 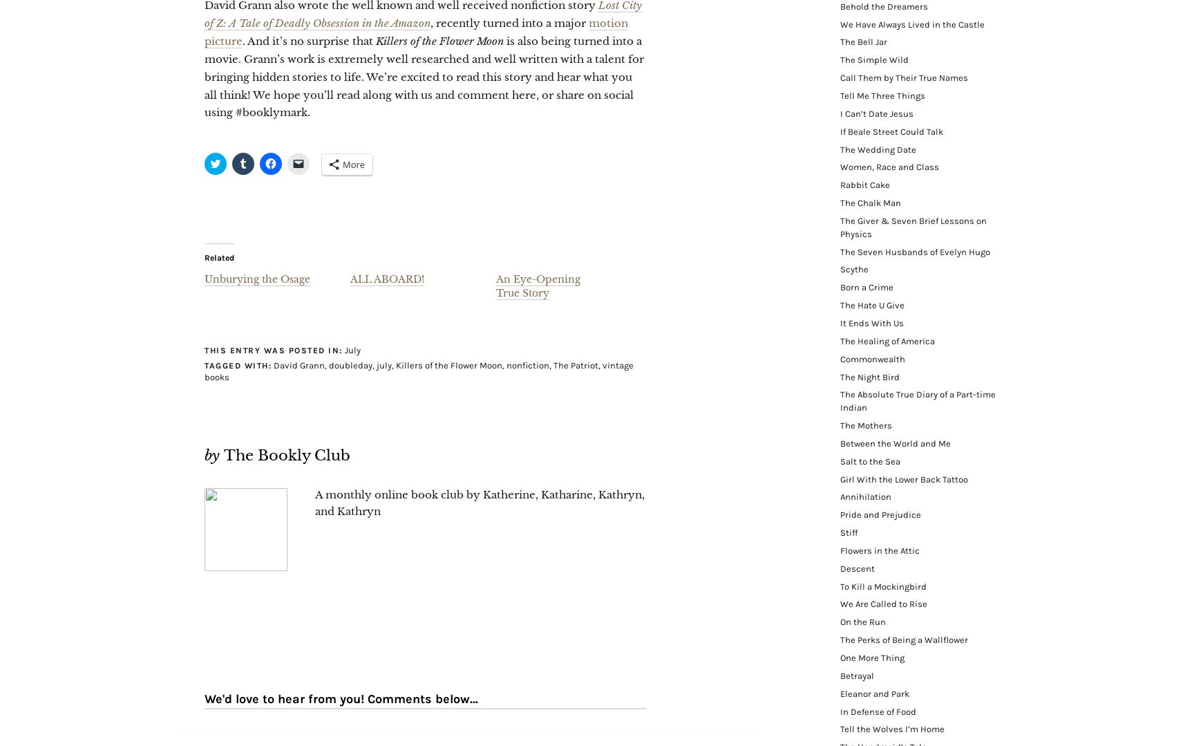 I want to click on 'We Are Called to Rise', so click(x=884, y=603).